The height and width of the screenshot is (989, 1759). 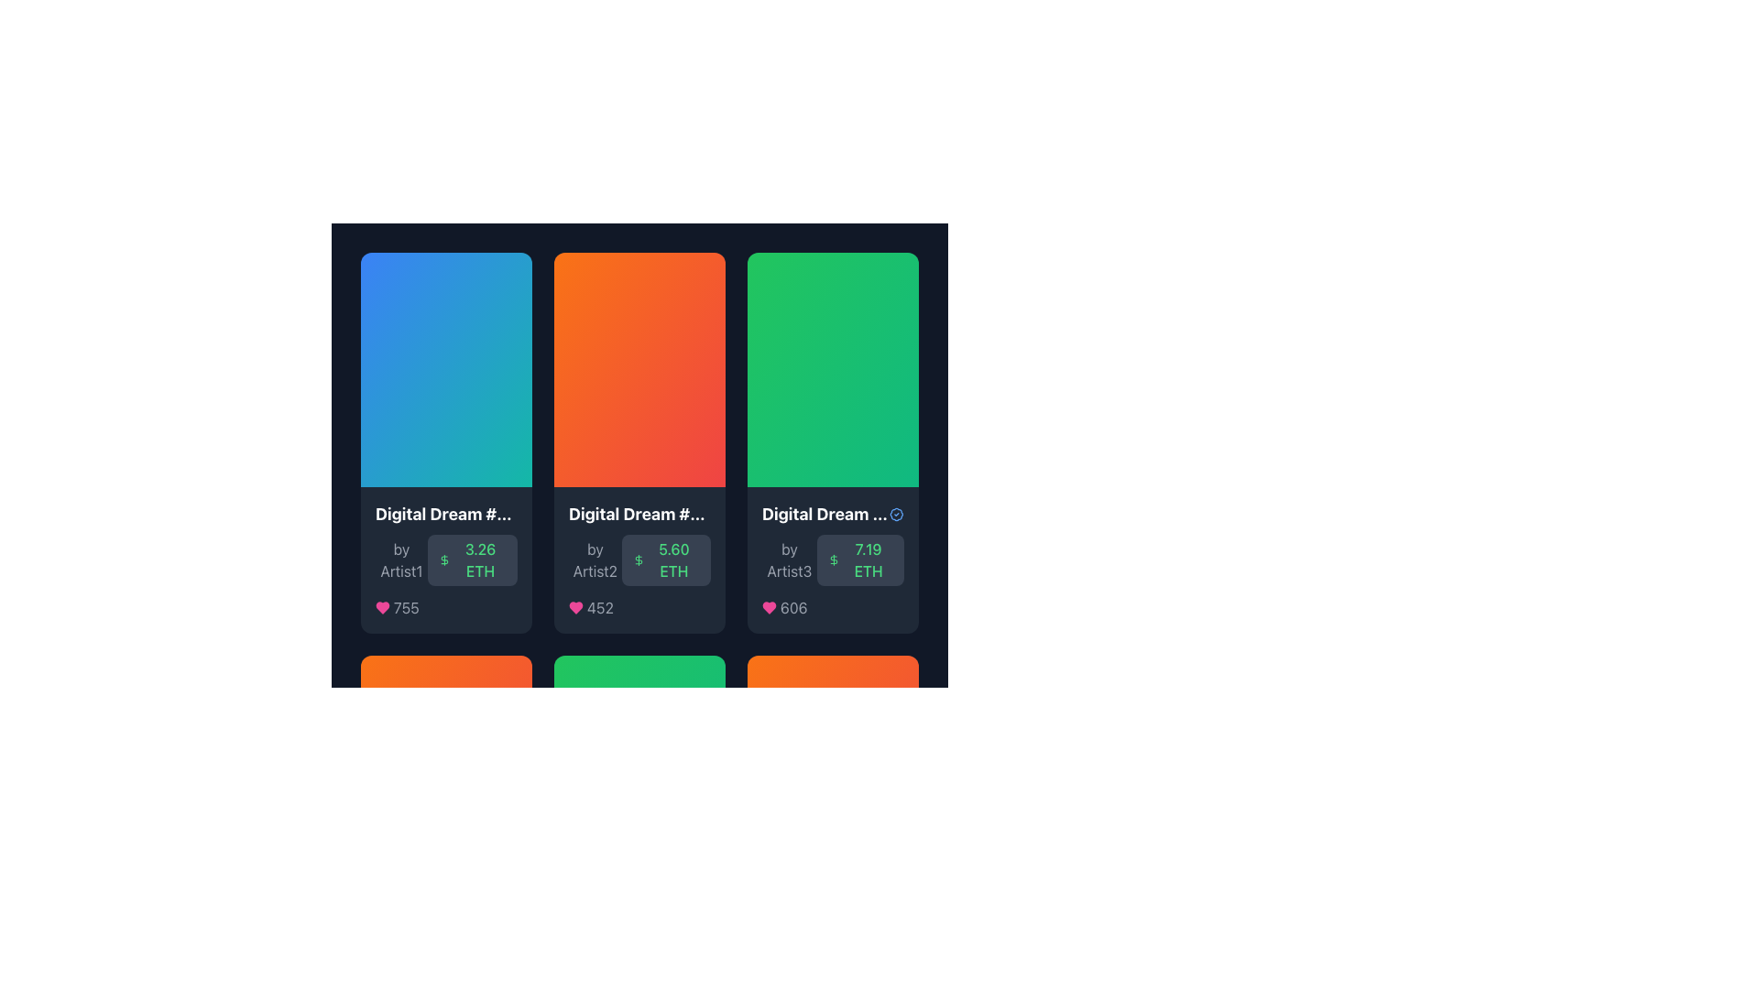 I want to click on the decorative rectangular background element with a smooth gradient transitioning from orange to red, located at the upper section of the interactive card displaying digital artwork details, so click(x=446, y=773).